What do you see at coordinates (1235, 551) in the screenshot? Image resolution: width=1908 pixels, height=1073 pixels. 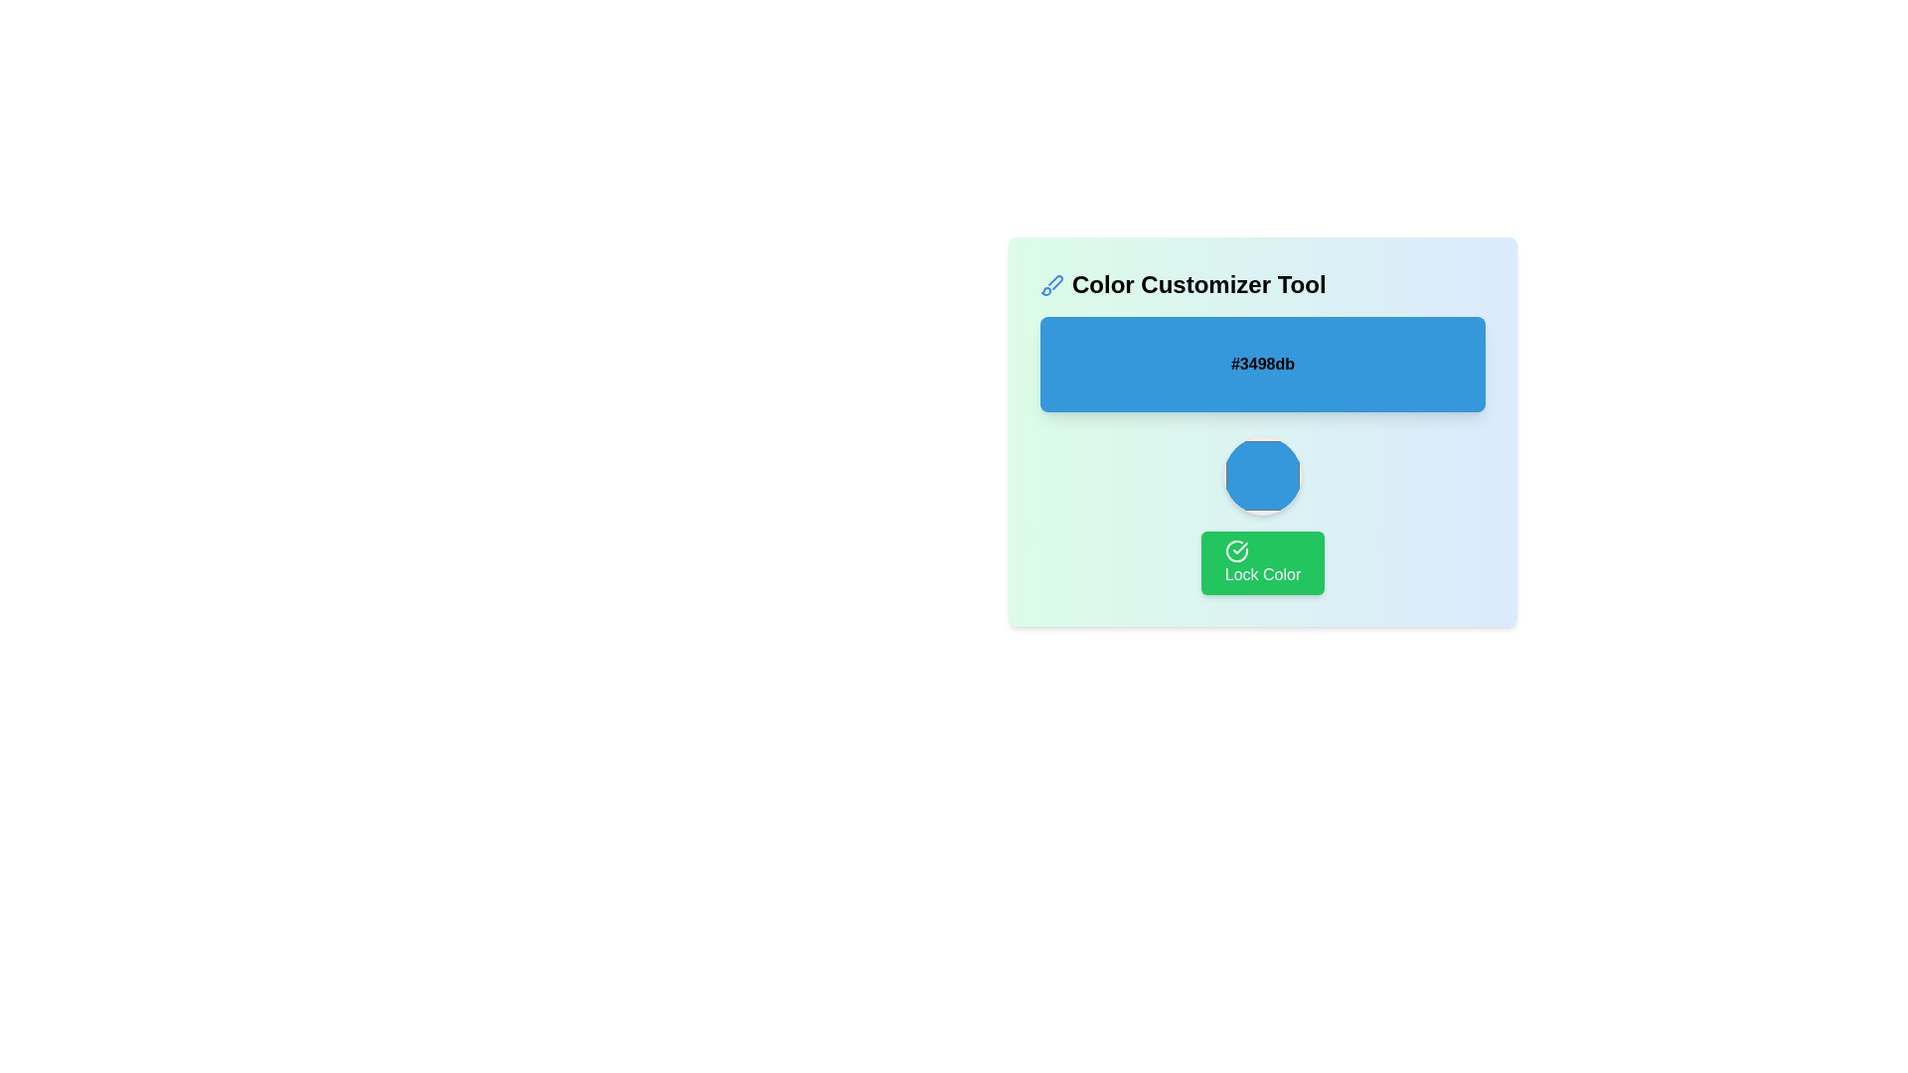 I see `the locking confirmation icon located inside the 'Lock Color' button at the bottom of the interface` at bounding box center [1235, 551].